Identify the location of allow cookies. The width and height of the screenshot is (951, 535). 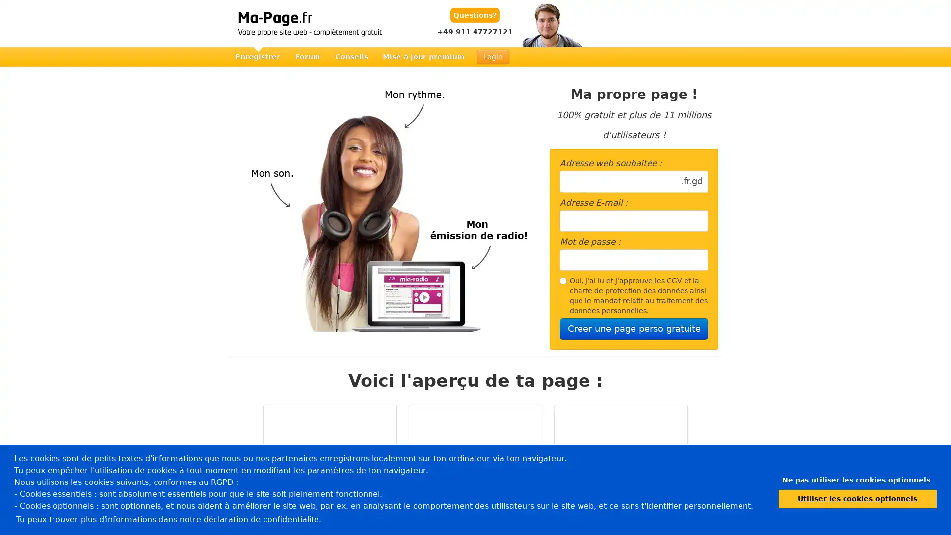
(857, 498).